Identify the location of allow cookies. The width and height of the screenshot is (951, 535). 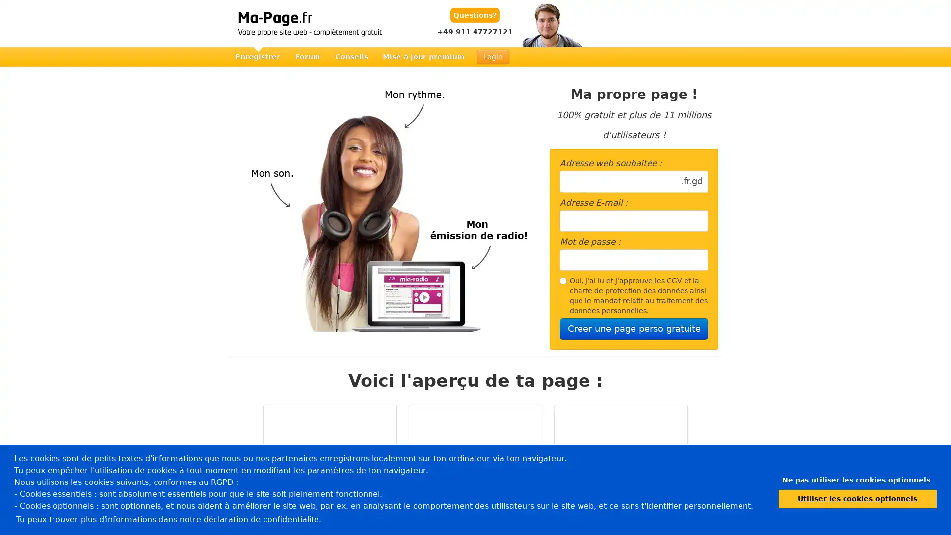
(857, 498).